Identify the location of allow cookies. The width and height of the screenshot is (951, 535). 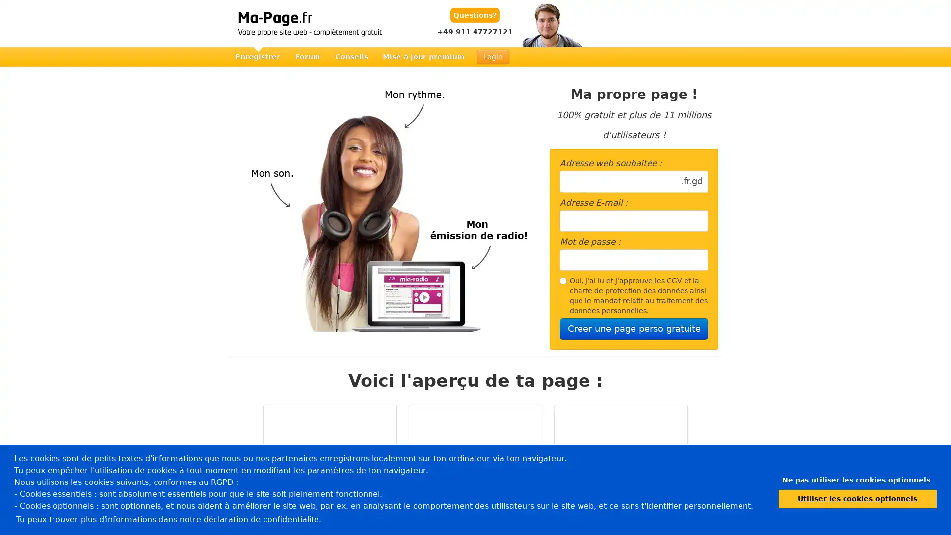
(857, 498).